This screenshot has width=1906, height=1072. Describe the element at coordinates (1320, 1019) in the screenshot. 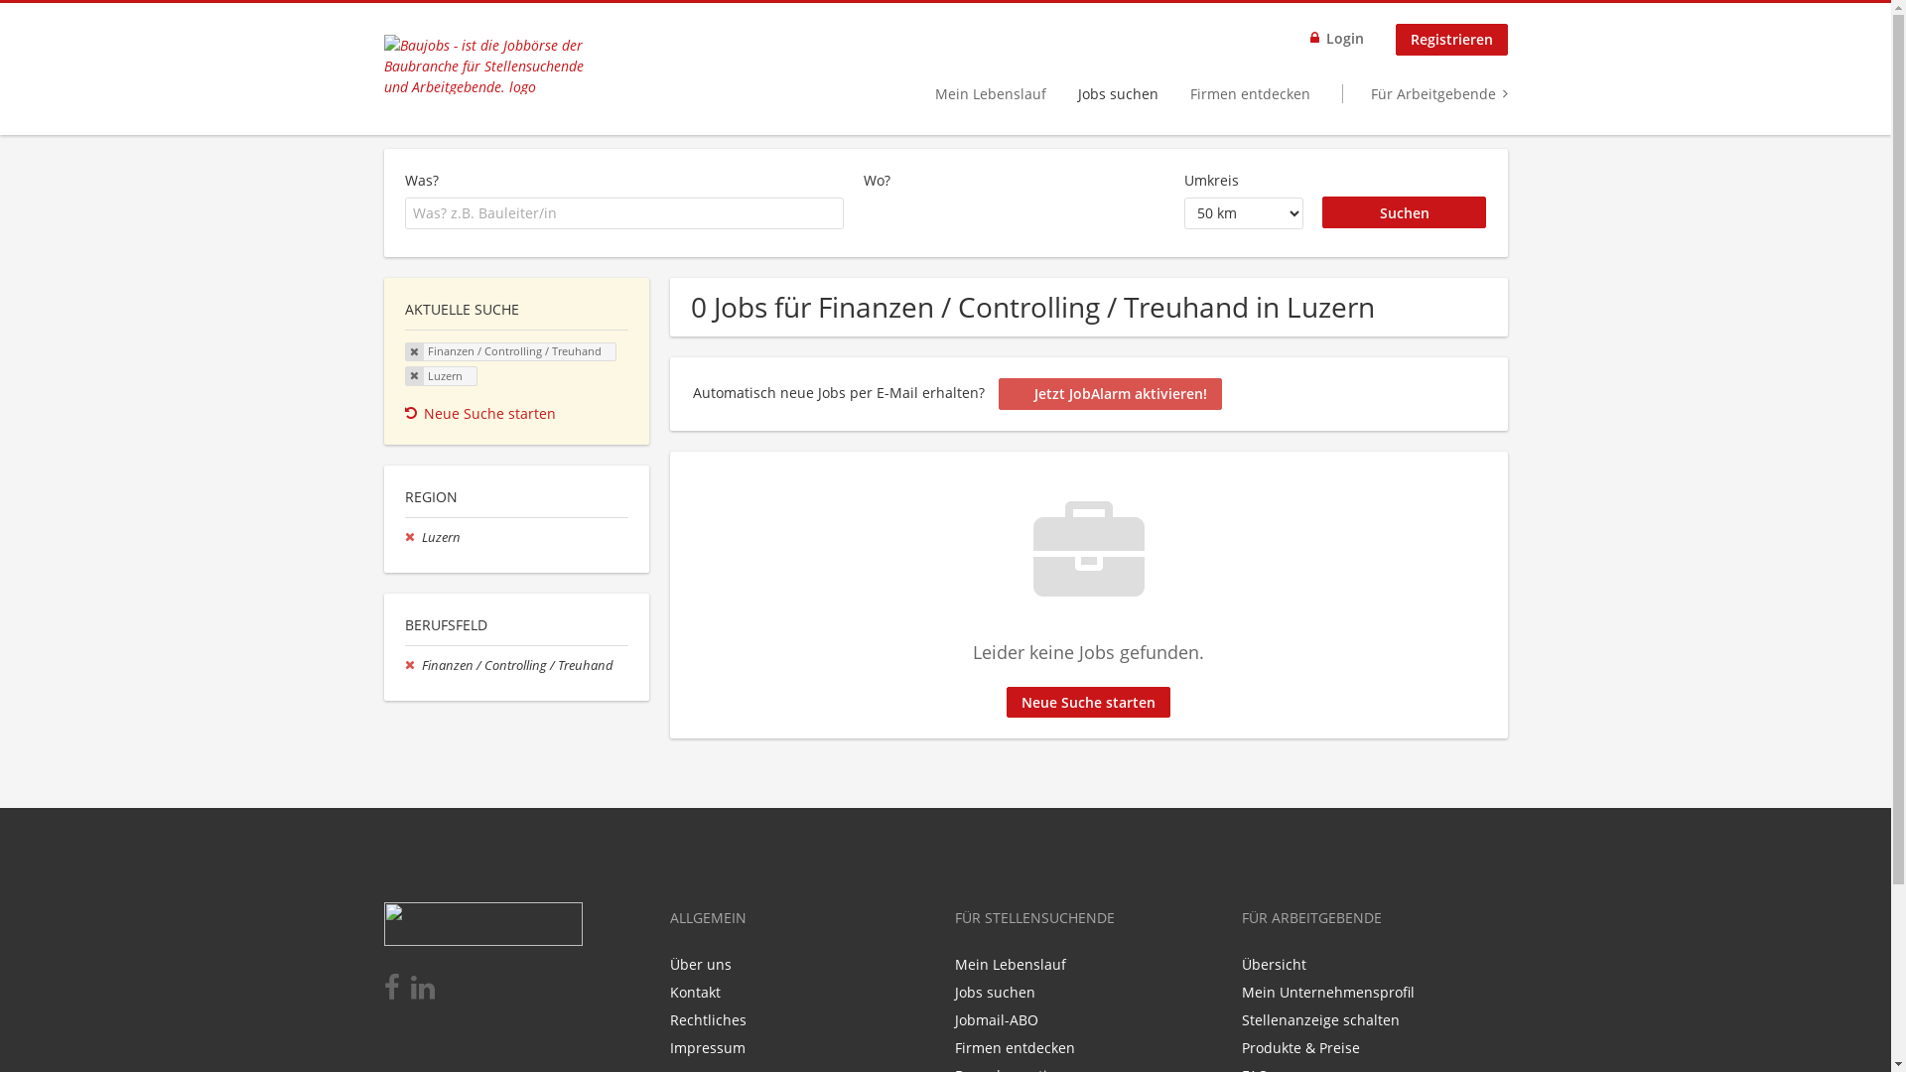

I see `'Stellenanzeige schalten'` at that location.